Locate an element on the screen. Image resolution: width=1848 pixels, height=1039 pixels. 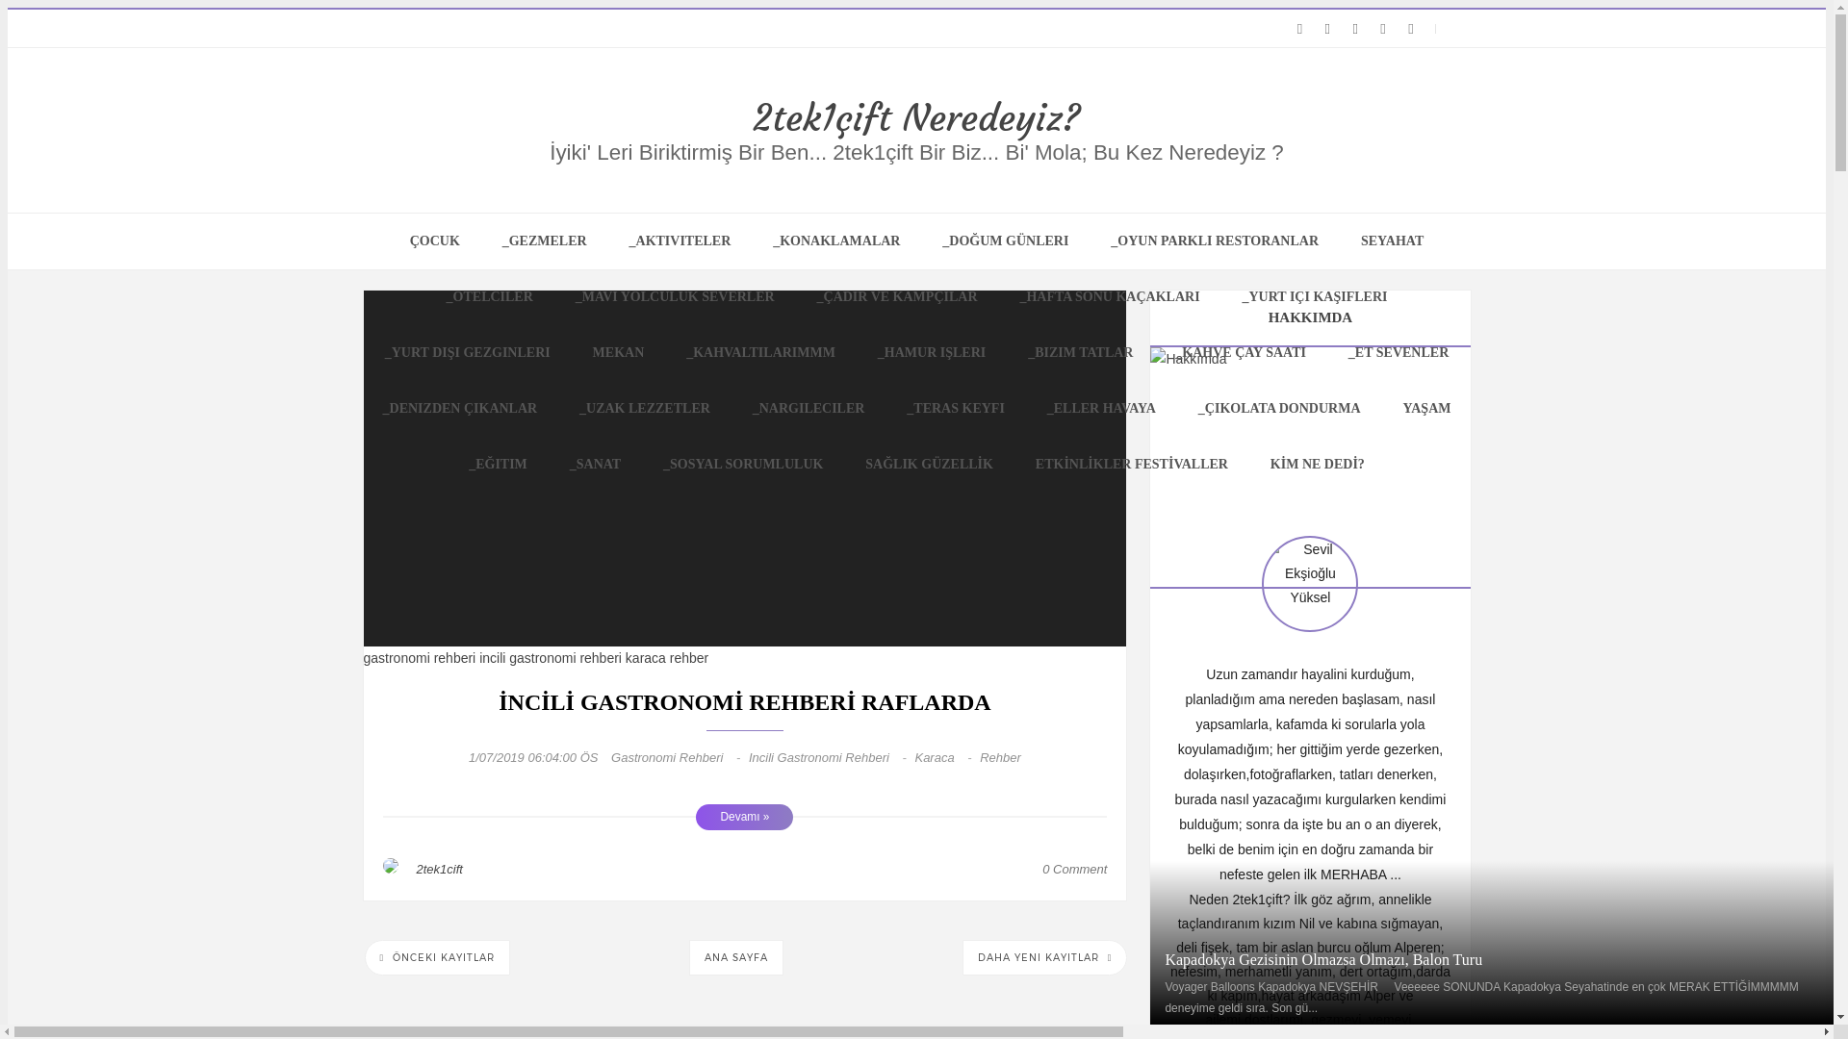
'_SANAT' is located at coordinates (594, 464).